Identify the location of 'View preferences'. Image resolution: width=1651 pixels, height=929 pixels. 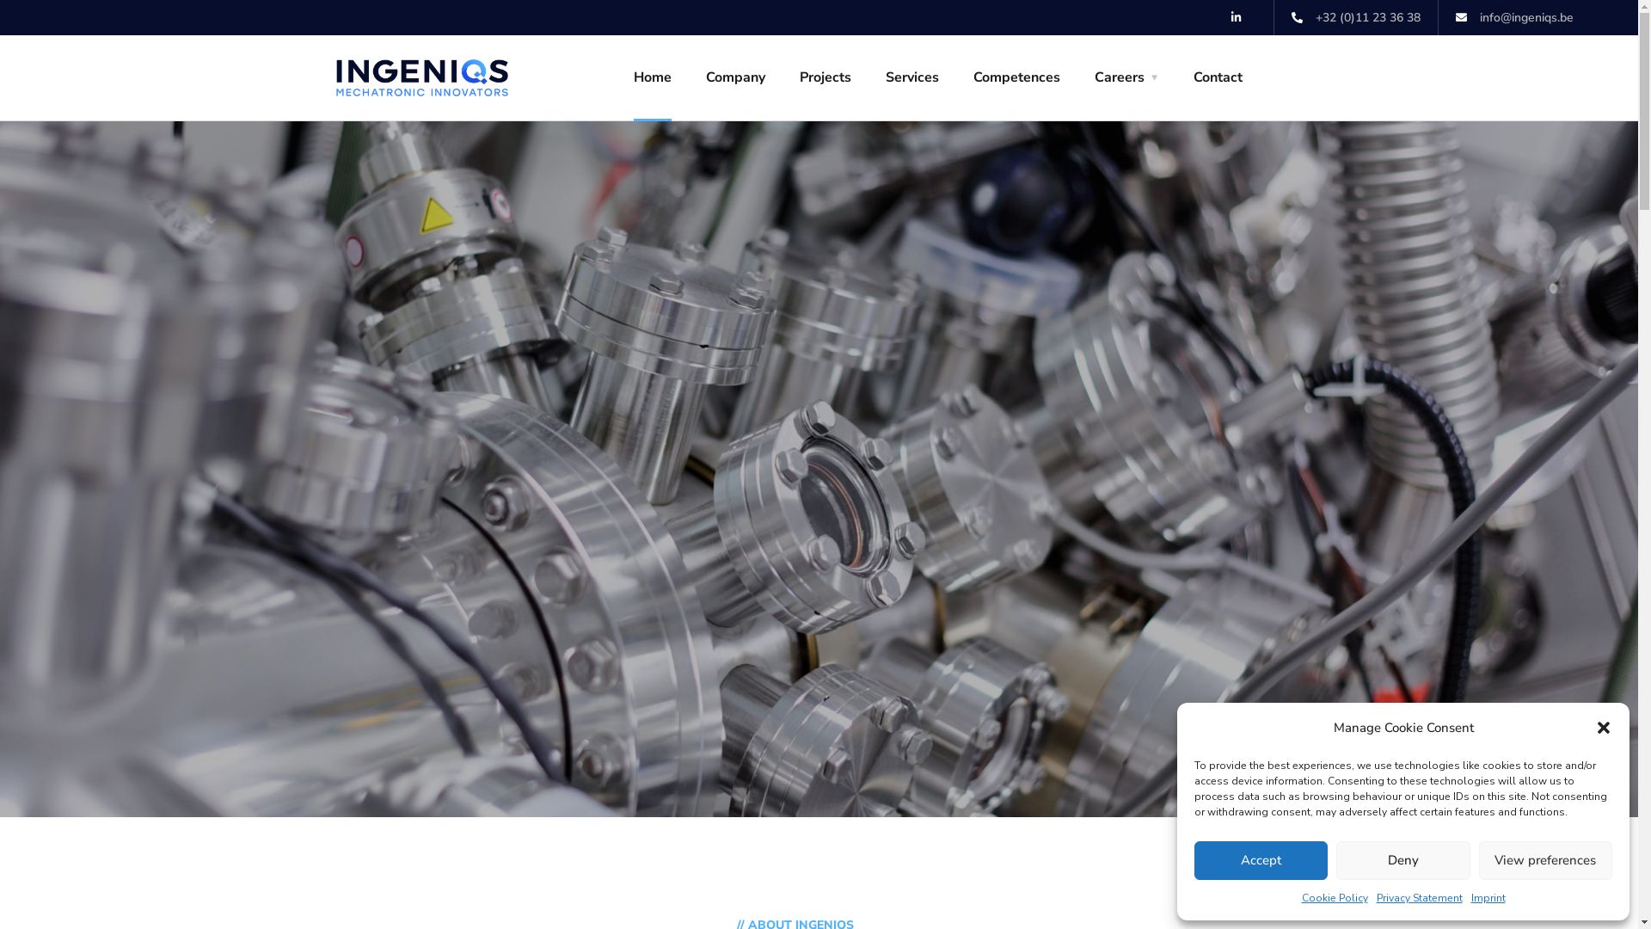
(1545, 860).